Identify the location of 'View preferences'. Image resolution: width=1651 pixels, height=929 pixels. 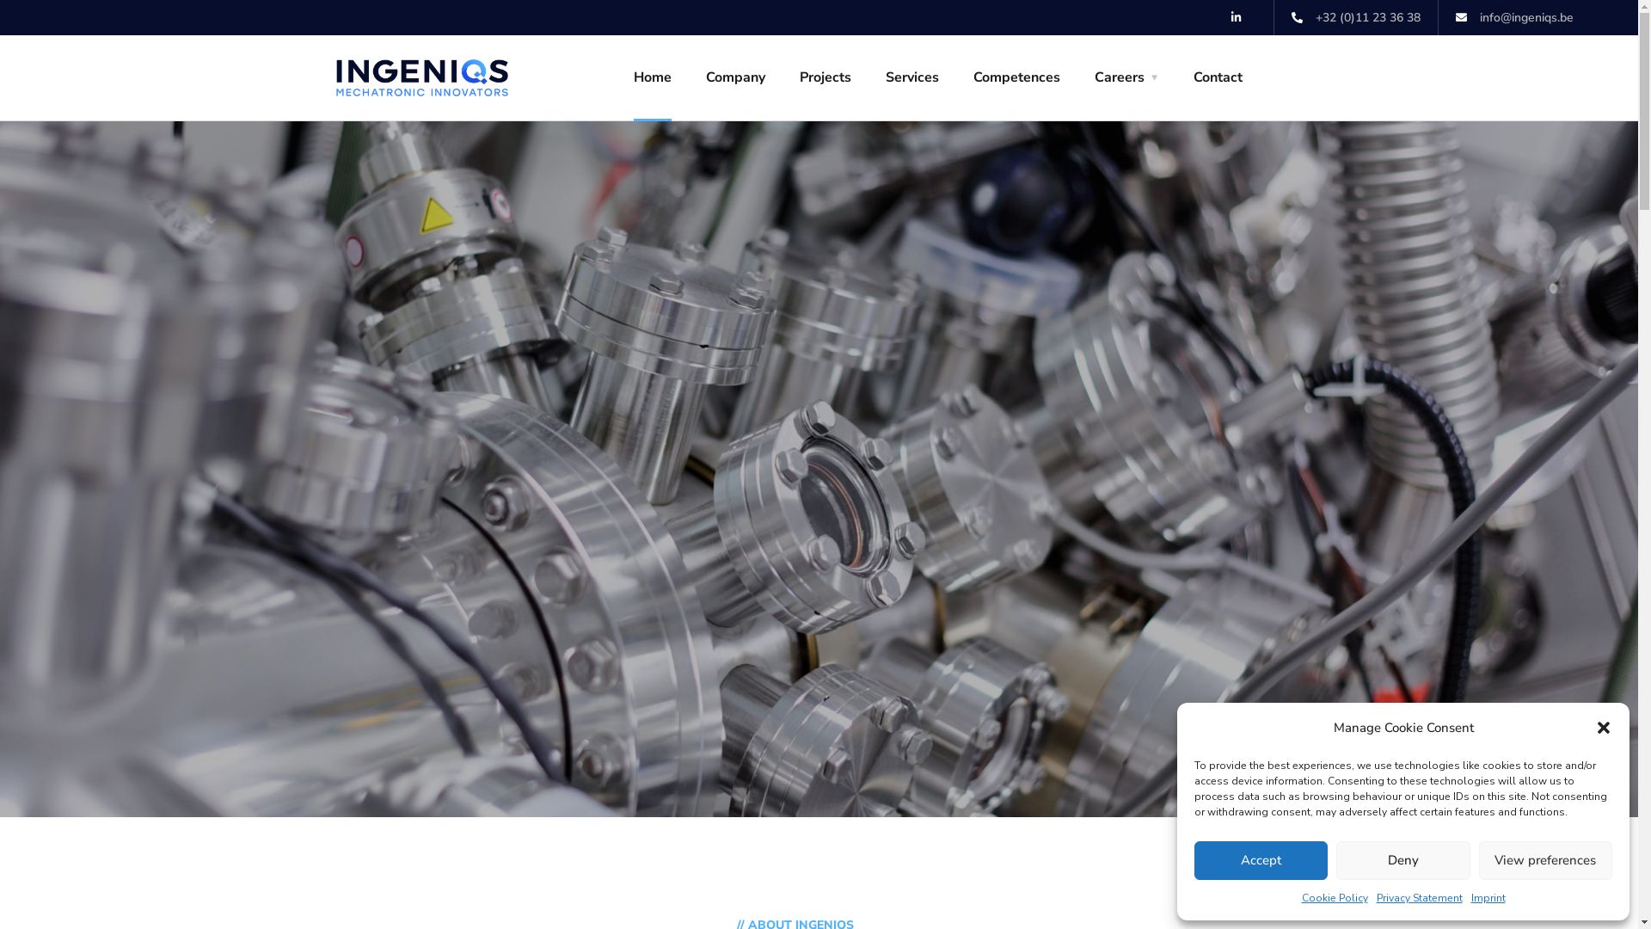
(1545, 860).